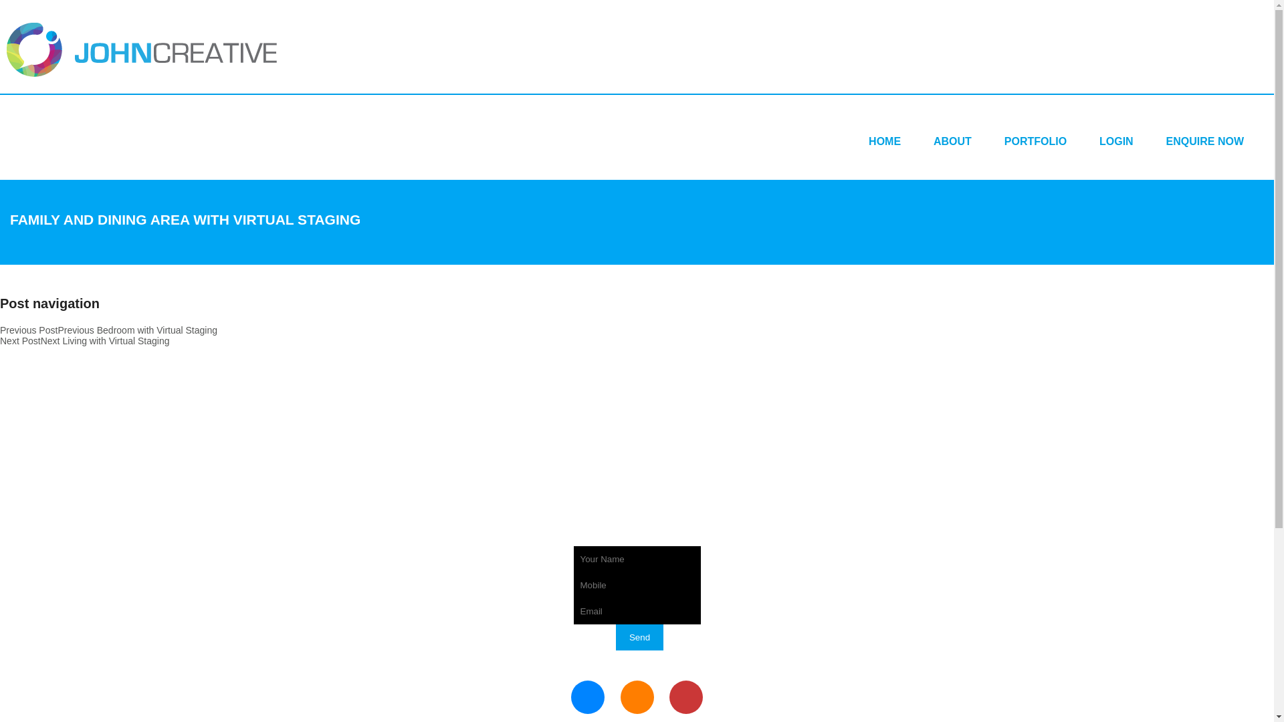 This screenshot has height=722, width=1284. What do you see at coordinates (0, 330) in the screenshot?
I see `'Previous PostPrevious Bedroom with Virtual Staging'` at bounding box center [0, 330].